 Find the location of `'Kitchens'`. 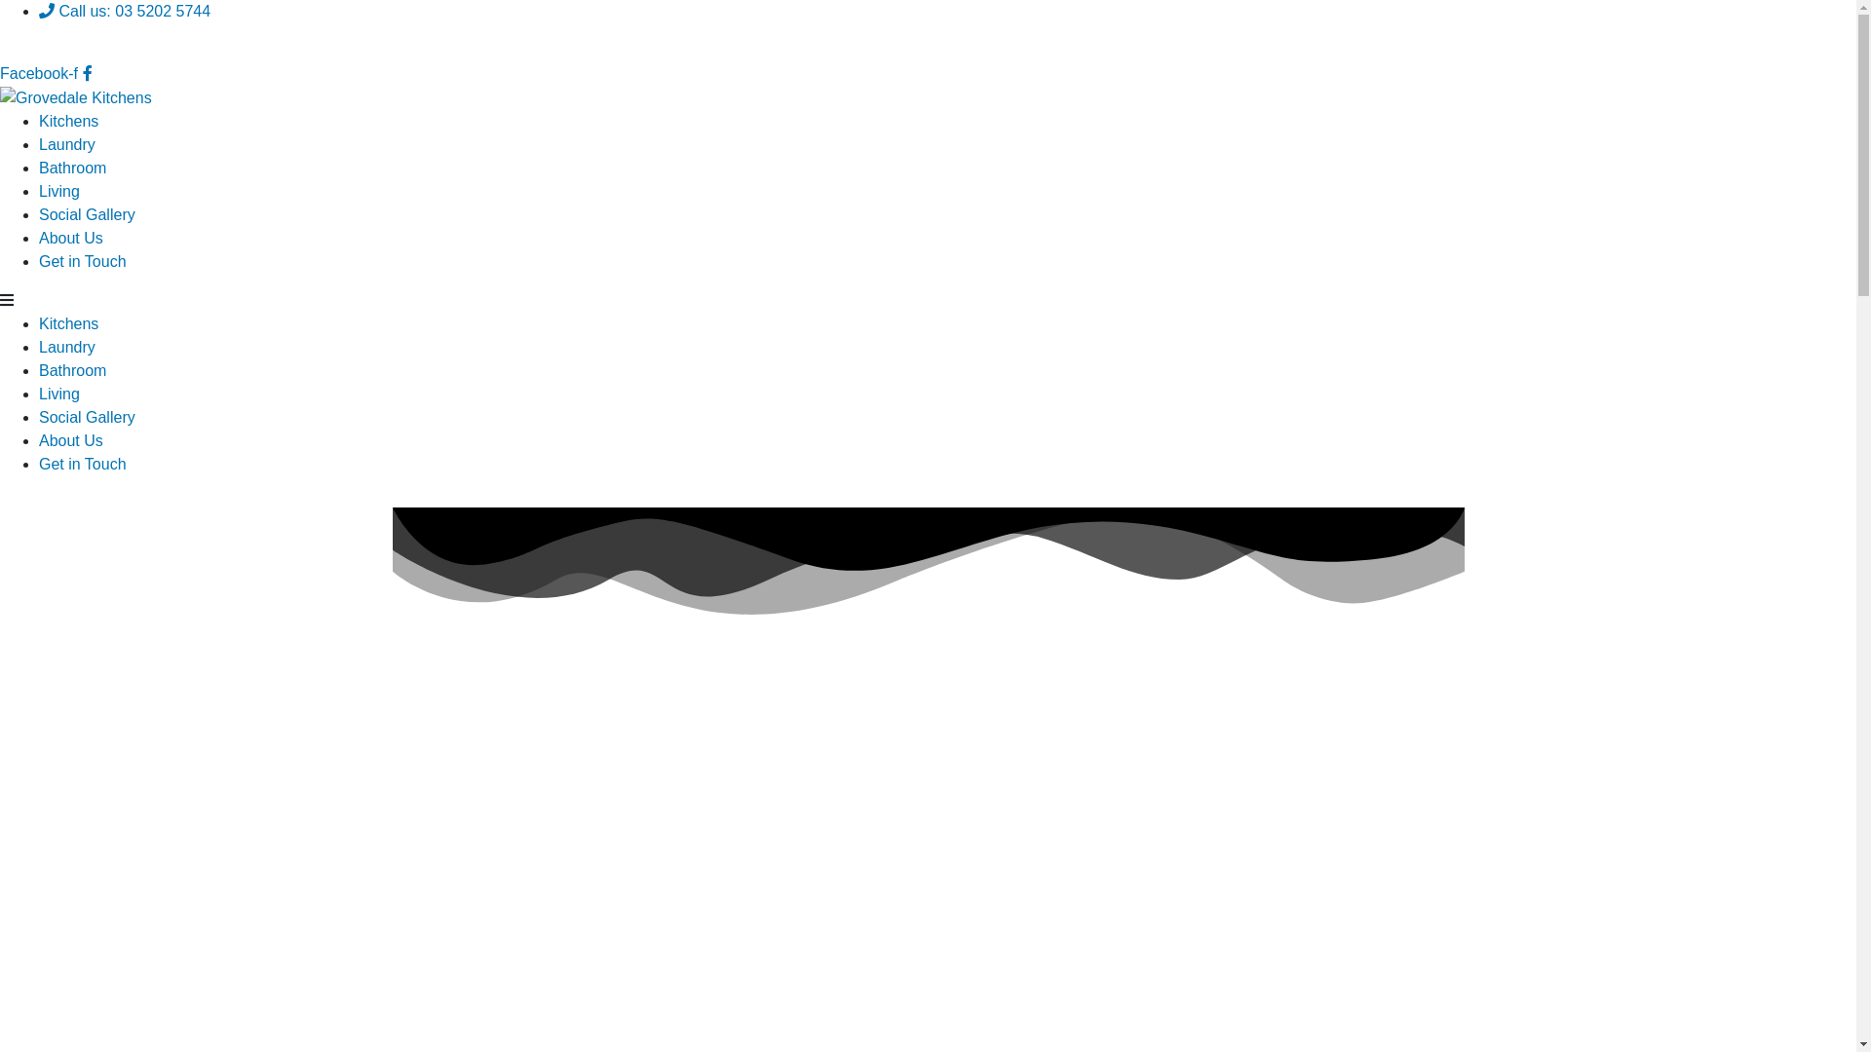

'Kitchens' is located at coordinates (38, 322).